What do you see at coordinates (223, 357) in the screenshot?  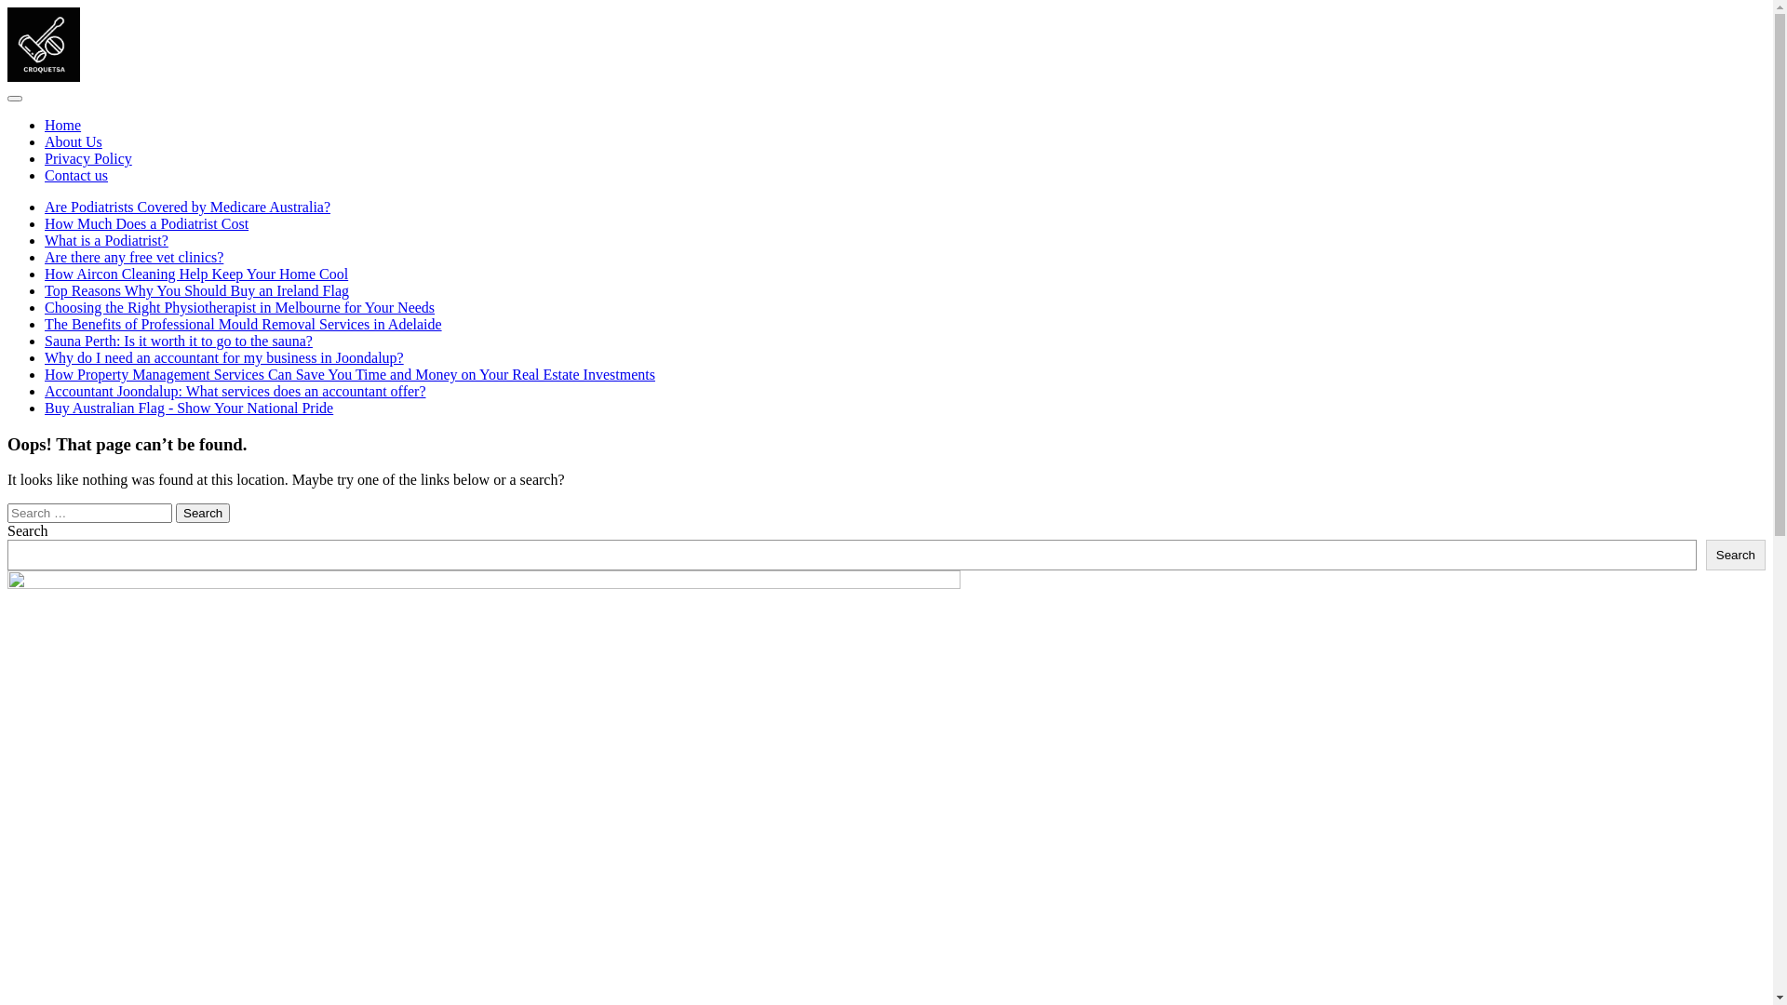 I see `'Why do I need an accountant for my business in Joondalup?'` at bounding box center [223, 357].